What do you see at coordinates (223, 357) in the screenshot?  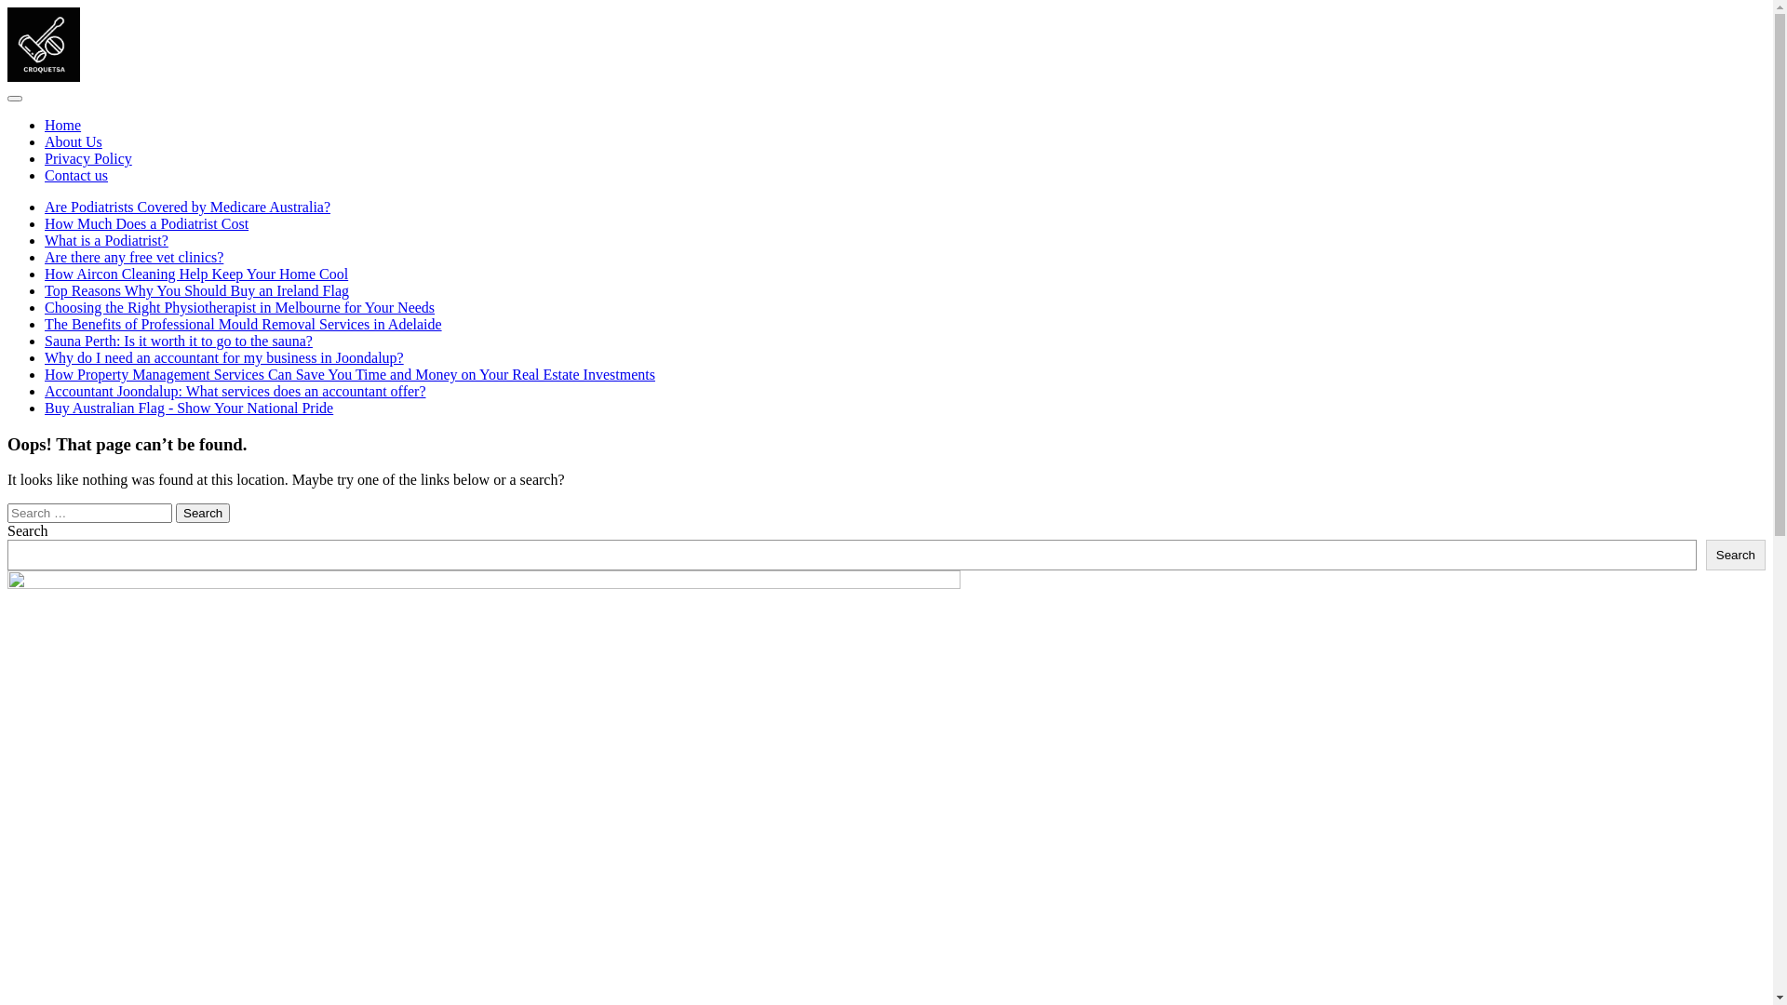 I see `'Why do I need an accountant for my business in Joondalup?'` at bounding box center [223, 357].